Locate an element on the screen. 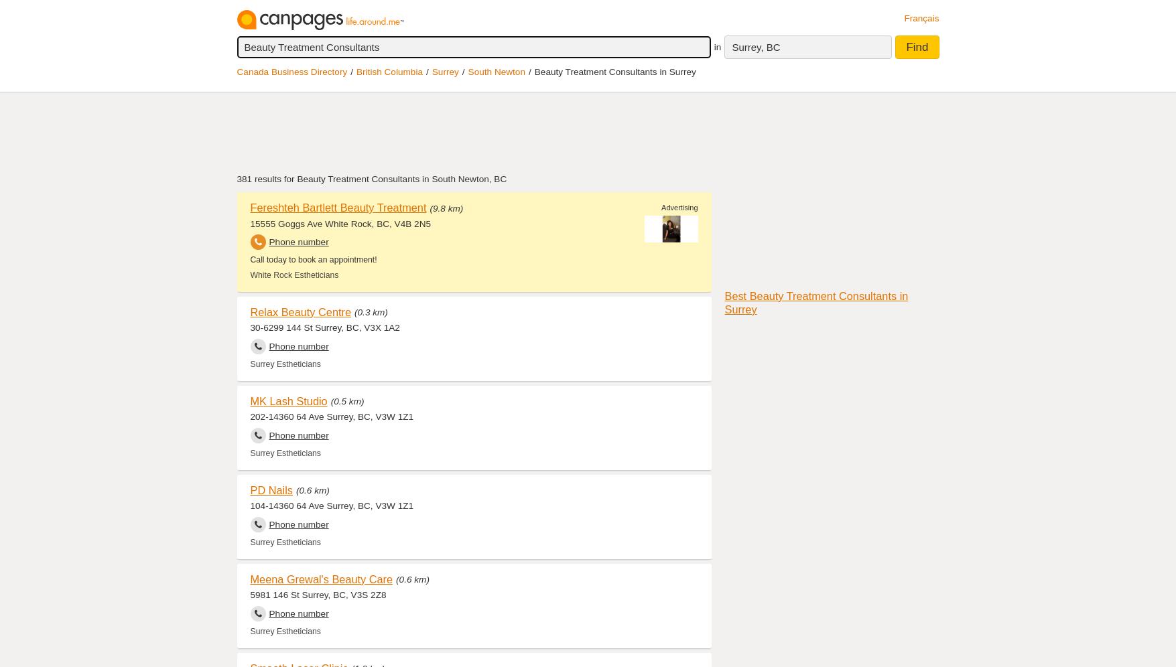 This screenshot has height=667, width=1176. '(0.5 km)' is located at coordinates (346, 401).